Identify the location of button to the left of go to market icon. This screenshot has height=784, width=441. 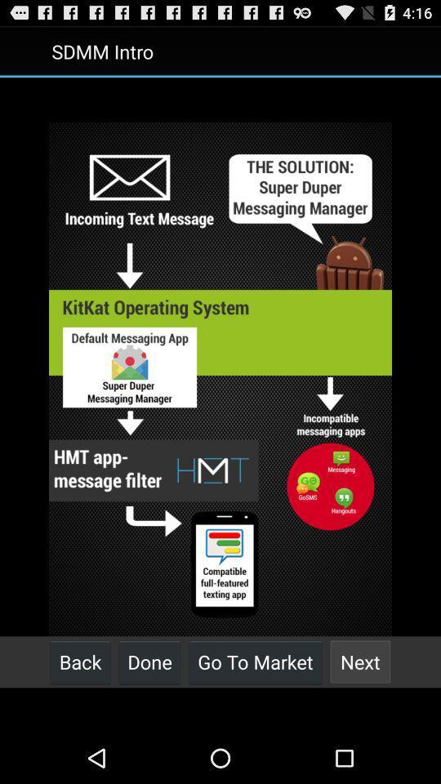
(149, 661).